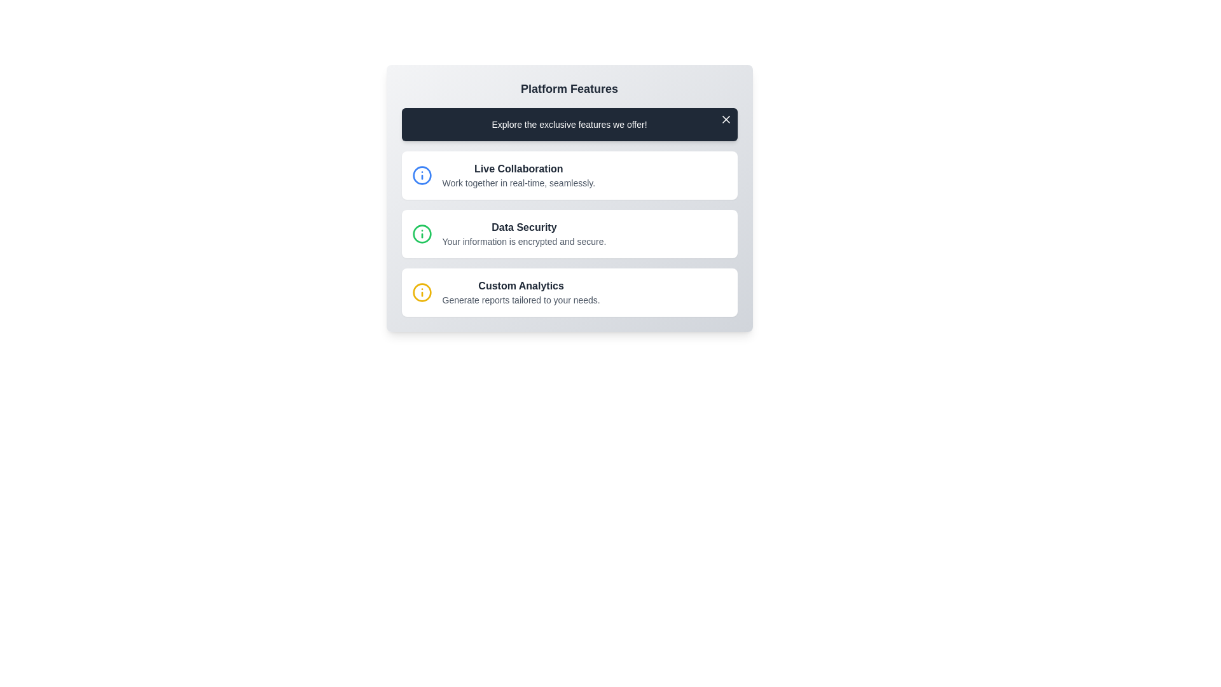 This screenshot has height=687, width=1221. I want to click on the 'X' icon close button located in the top-right corner of the header section, so click(726, 120).